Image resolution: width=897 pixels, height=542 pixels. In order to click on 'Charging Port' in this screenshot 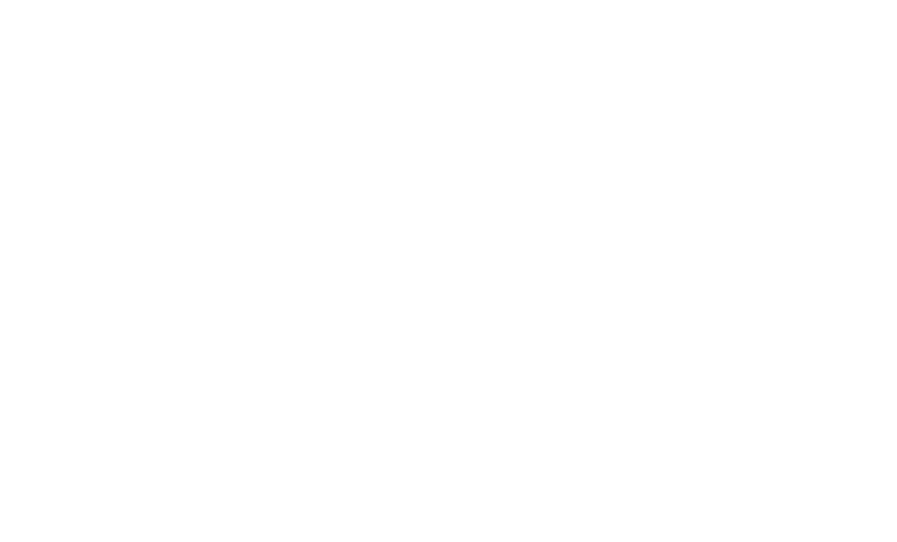, I will do `click(189, 328)`.